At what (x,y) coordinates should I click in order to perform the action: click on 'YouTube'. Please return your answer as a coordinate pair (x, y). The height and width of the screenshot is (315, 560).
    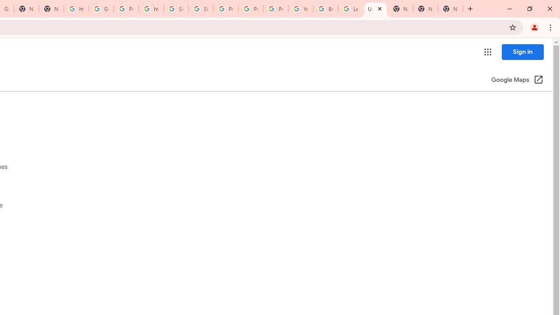
    Looking at the image, I should click on (301, 9).